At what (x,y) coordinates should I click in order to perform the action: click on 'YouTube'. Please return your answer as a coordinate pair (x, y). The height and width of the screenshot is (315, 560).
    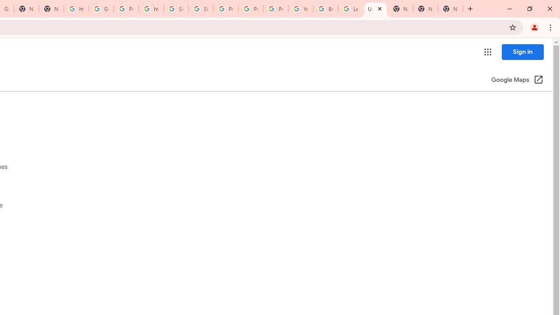
    Looking at the image, I should click on (301, 9).